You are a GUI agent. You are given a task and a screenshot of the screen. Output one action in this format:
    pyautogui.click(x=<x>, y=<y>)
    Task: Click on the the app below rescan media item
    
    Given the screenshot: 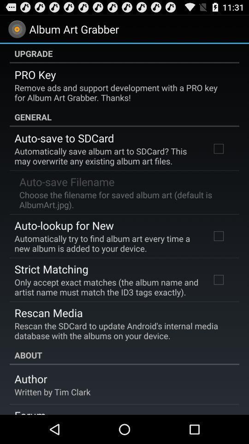 What is the action you would take?
    pyautogui.click(x=121, y=331)
    